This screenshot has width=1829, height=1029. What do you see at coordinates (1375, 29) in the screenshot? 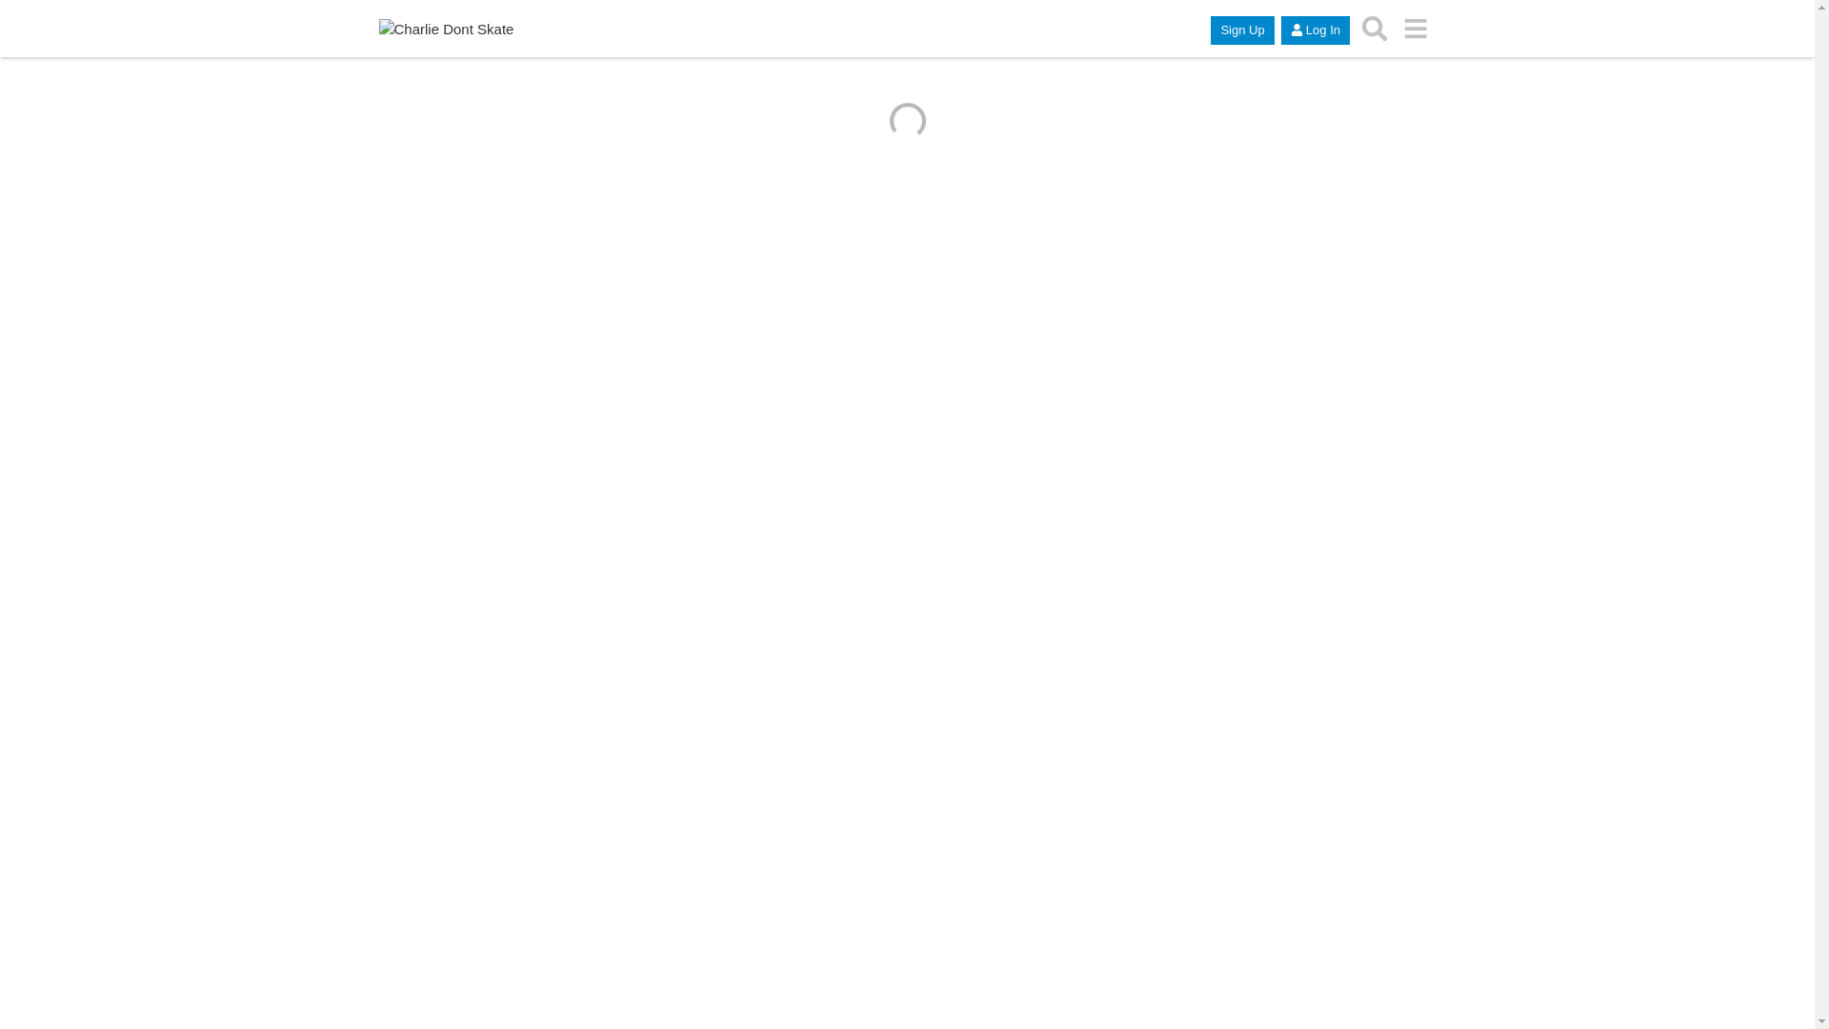
I see `'search topics, posts, users, or categories'` at bounding box center [1375, 29].